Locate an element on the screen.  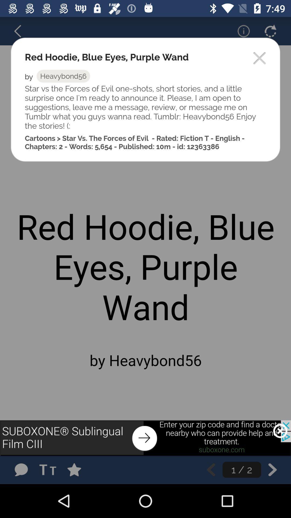
the close icon is located at coordinates (280, 431).